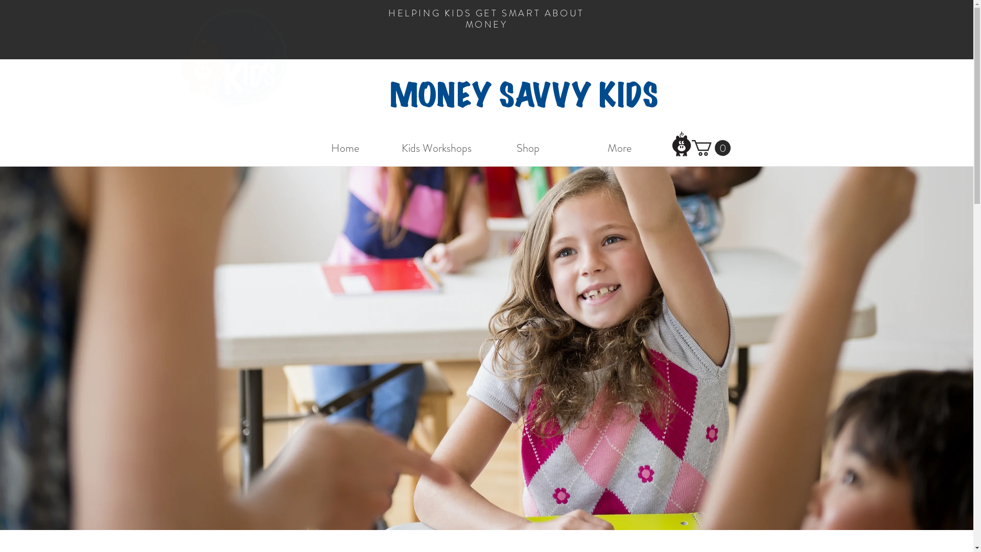 The image size is (981, 552). What do you see at coordinates (523, 96) in the screenshot?
I see `'MONEY SAVVY KIDS'` at bounding box center [523, 96].